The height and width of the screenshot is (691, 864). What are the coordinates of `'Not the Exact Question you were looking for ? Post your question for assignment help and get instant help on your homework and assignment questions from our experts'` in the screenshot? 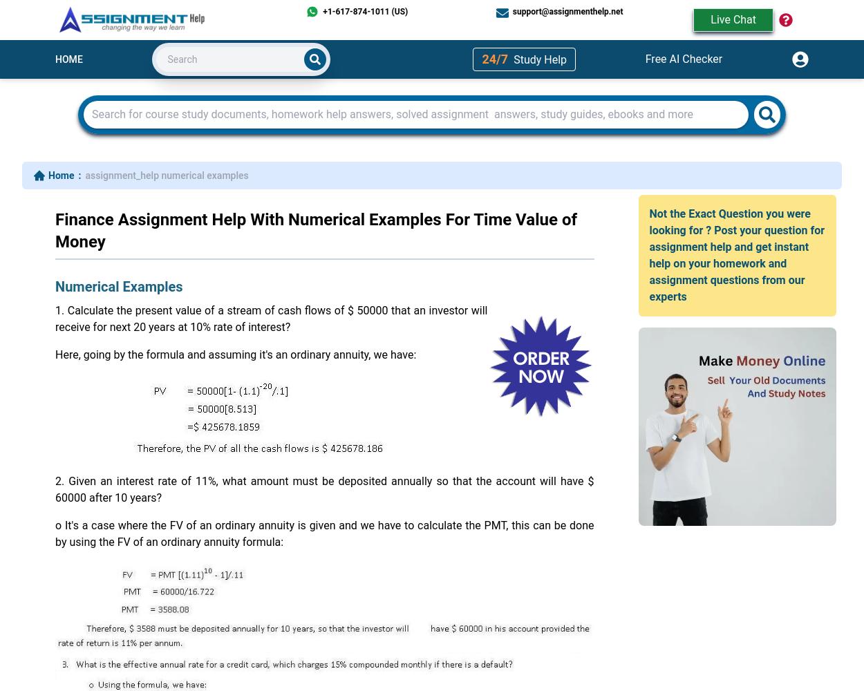 It's located at (736, 254).